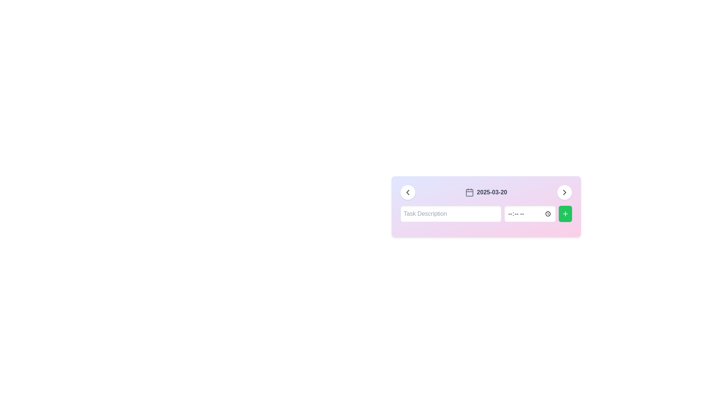 The height and width of the screenshot is (399, 710). I want to click on the Chevron Left icon/button, which serves as a navigation control to go back to a previous view, to potentially display a tooltip, so click(407, 192).